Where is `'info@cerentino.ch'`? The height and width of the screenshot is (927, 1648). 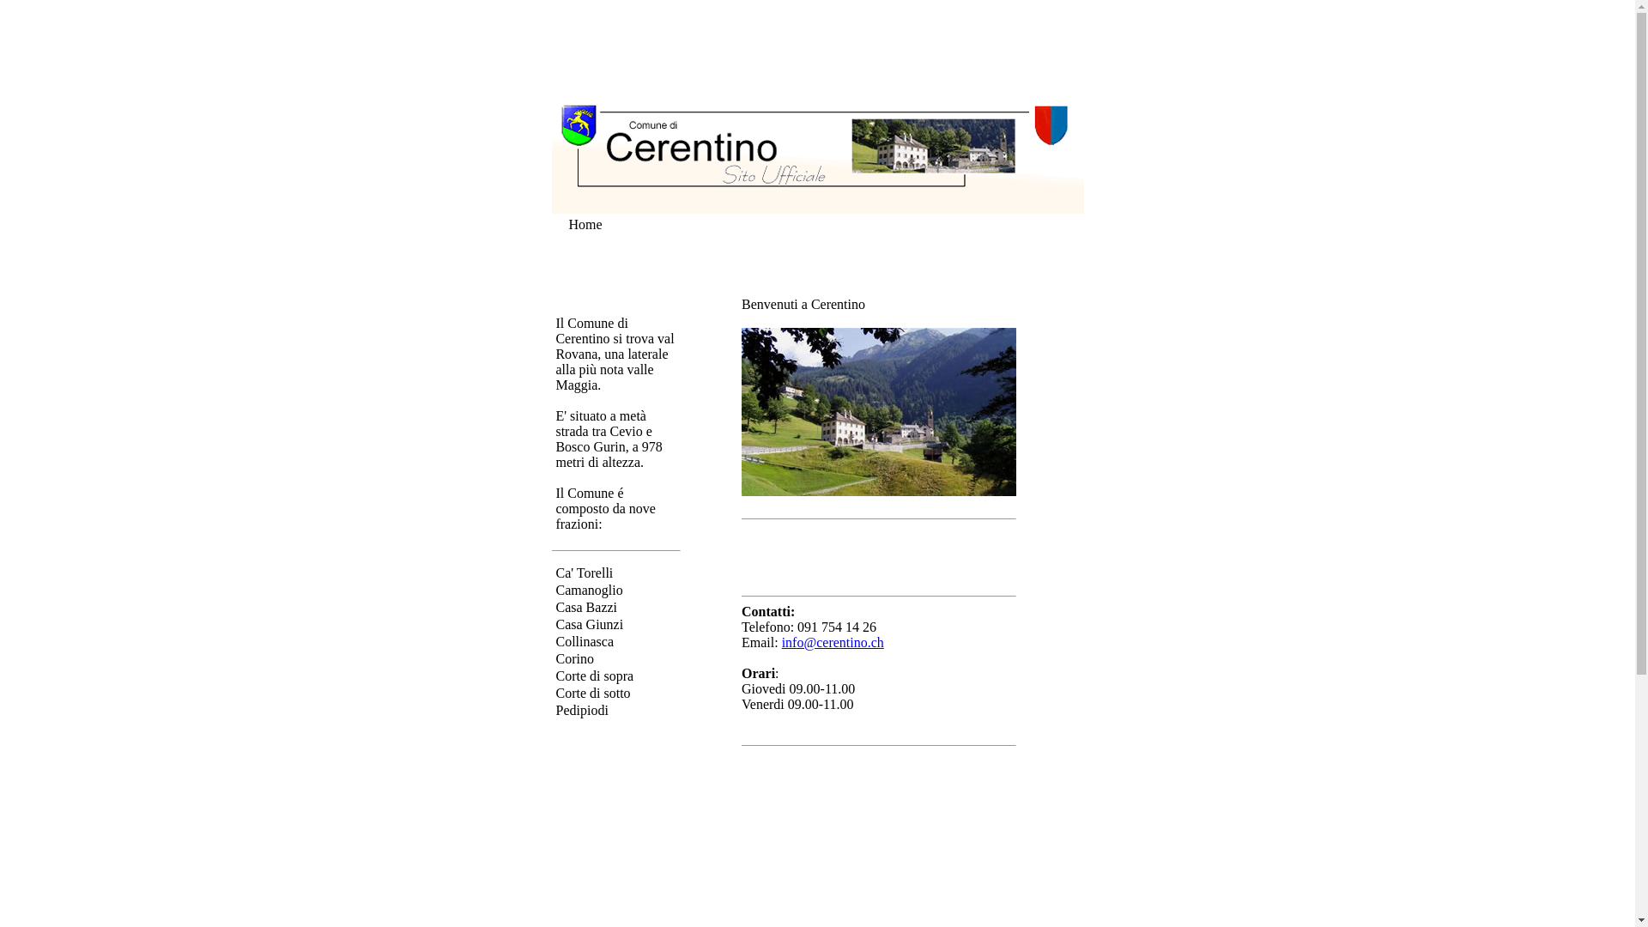 'info@cerentino.ch' is located at coordinates (833, 642).